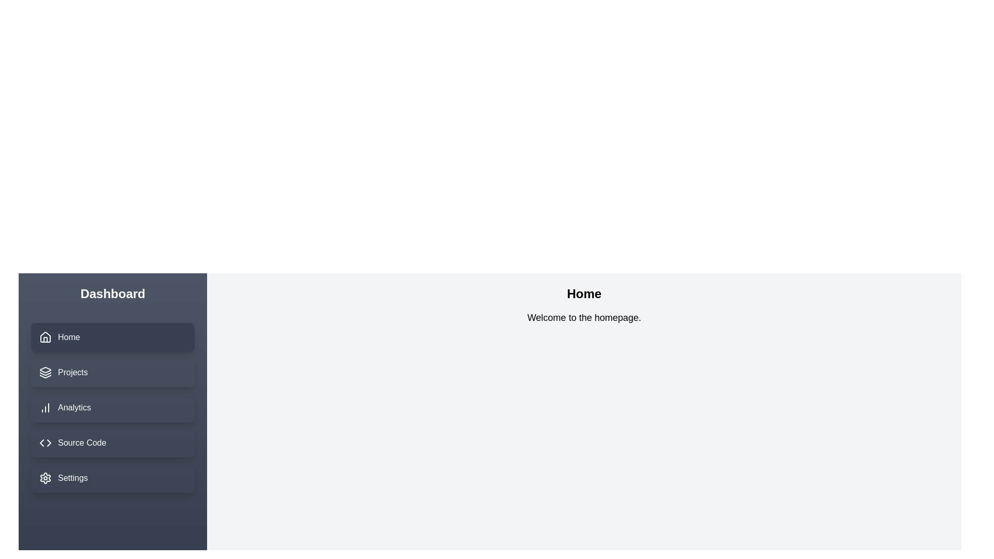 The height and width of the screenshot is (559, 994). I want to click on the Text Label in the navigation menu that indicates access to settings or configuration options, so click(72, 478).